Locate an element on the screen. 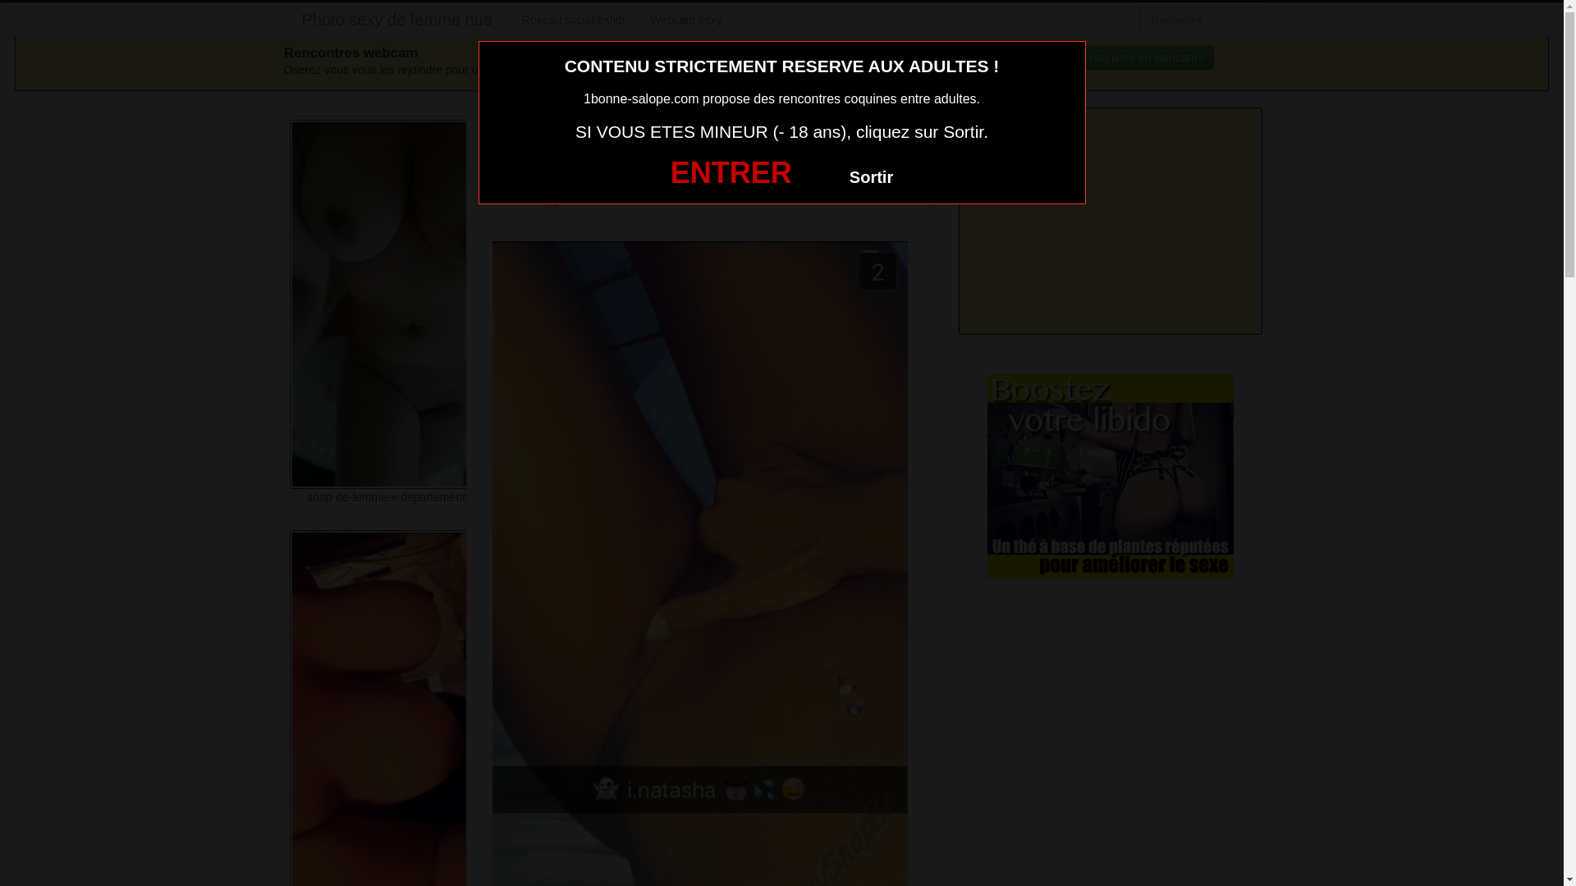 The image size is (1576, 886). 'Sortir' is located at coordinates (870, 177).